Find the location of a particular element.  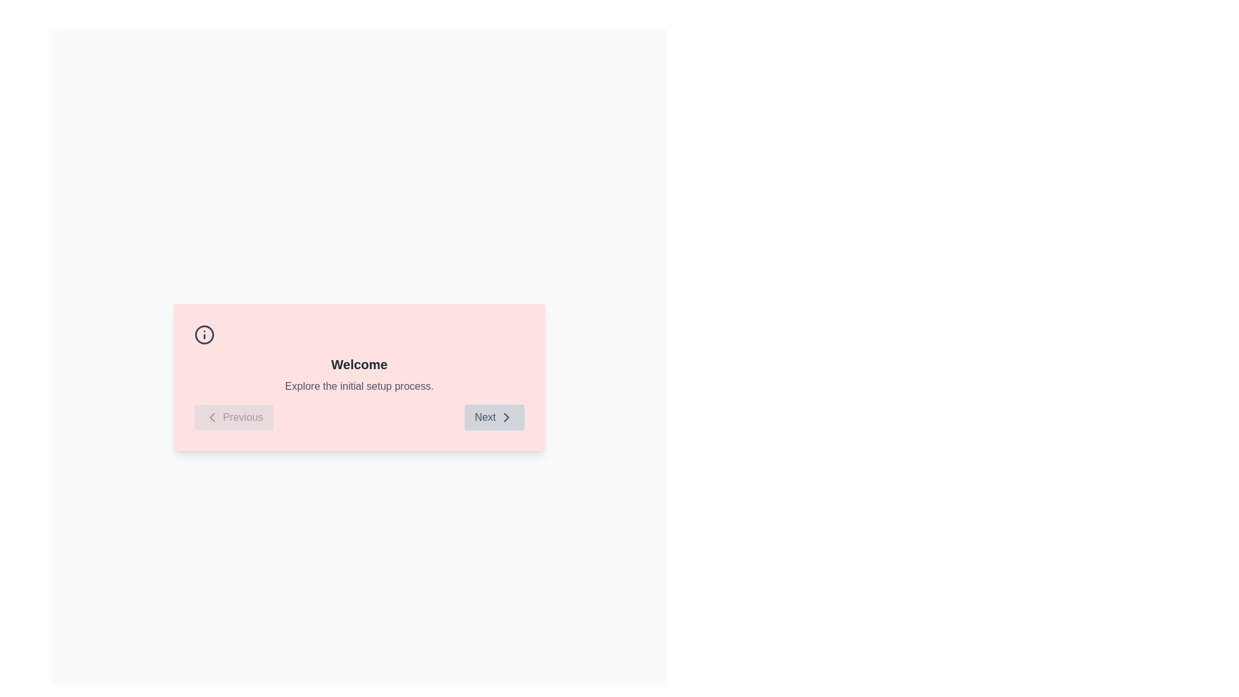

message displayed in the text block that says 'Welcome' and 'Explore the initial setup process.' is located at coordinates (359, 358).